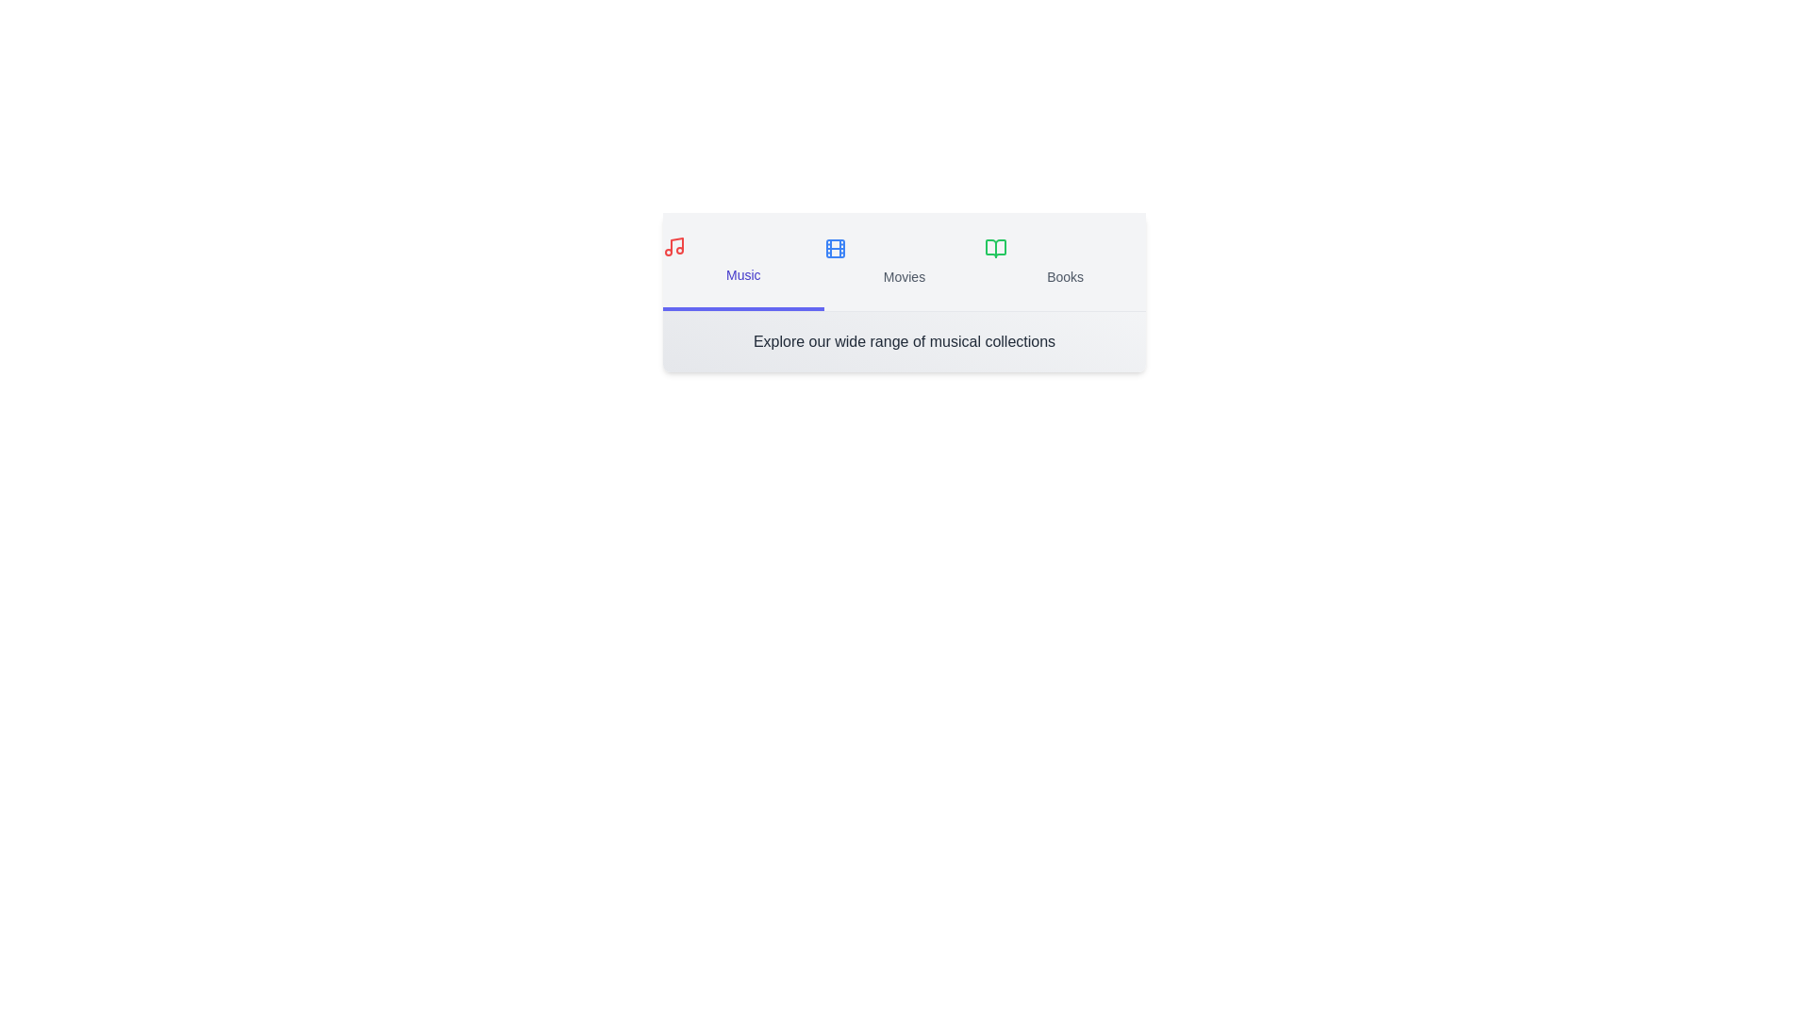 The image size is (1811, 1018). What do you see at coordinates (1064, 261) in the screenshot?
I see `the tab labeled 'Books' to display its description` at bounding box center [1064, 261].